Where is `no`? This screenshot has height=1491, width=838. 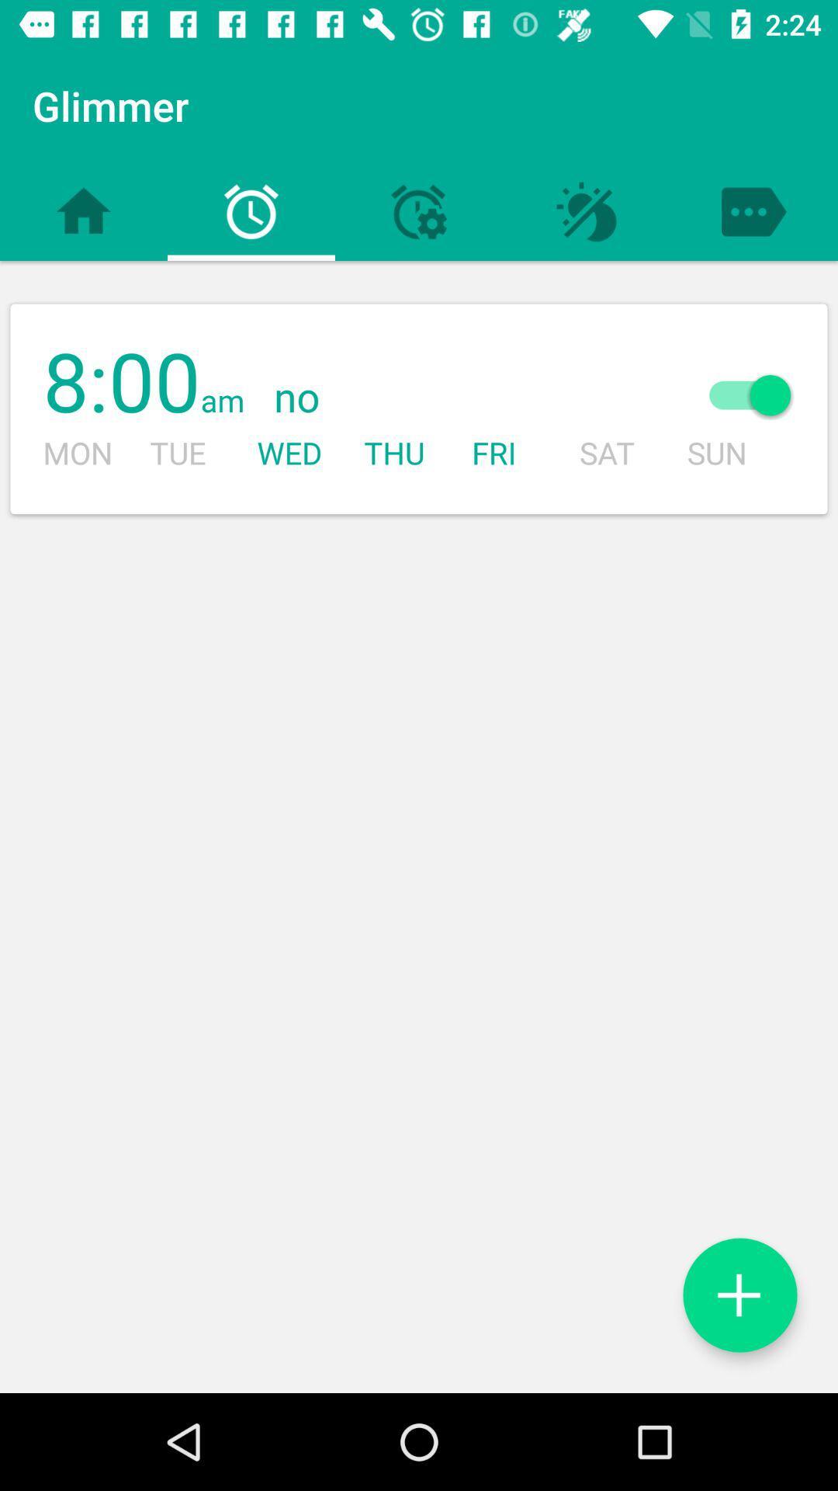 no is located at coordinates (454, 398).